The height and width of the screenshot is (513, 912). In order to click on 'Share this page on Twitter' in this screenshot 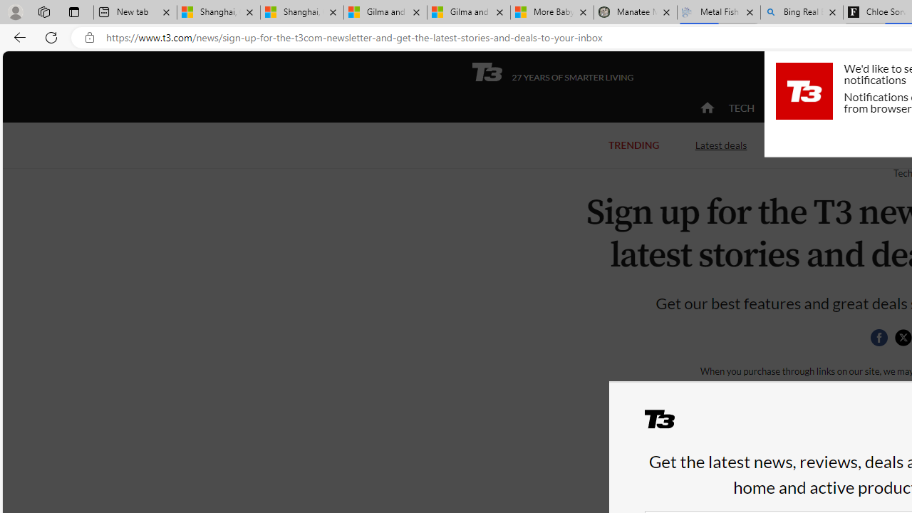, I will do `click(902, 338)`.